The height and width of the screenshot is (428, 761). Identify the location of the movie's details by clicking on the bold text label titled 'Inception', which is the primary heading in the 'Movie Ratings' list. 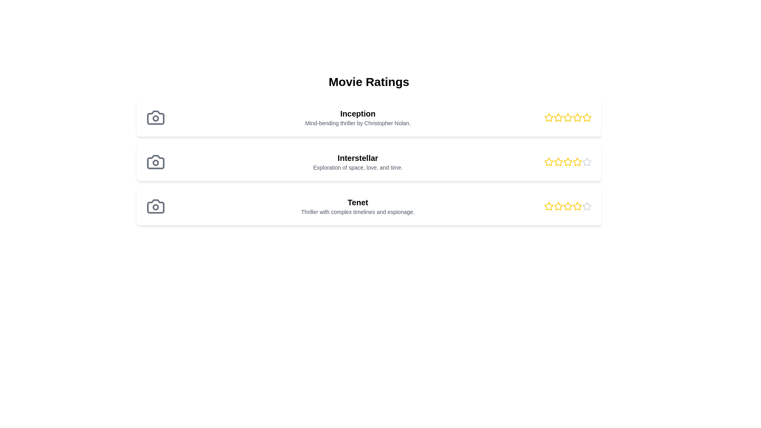
(357, 113).